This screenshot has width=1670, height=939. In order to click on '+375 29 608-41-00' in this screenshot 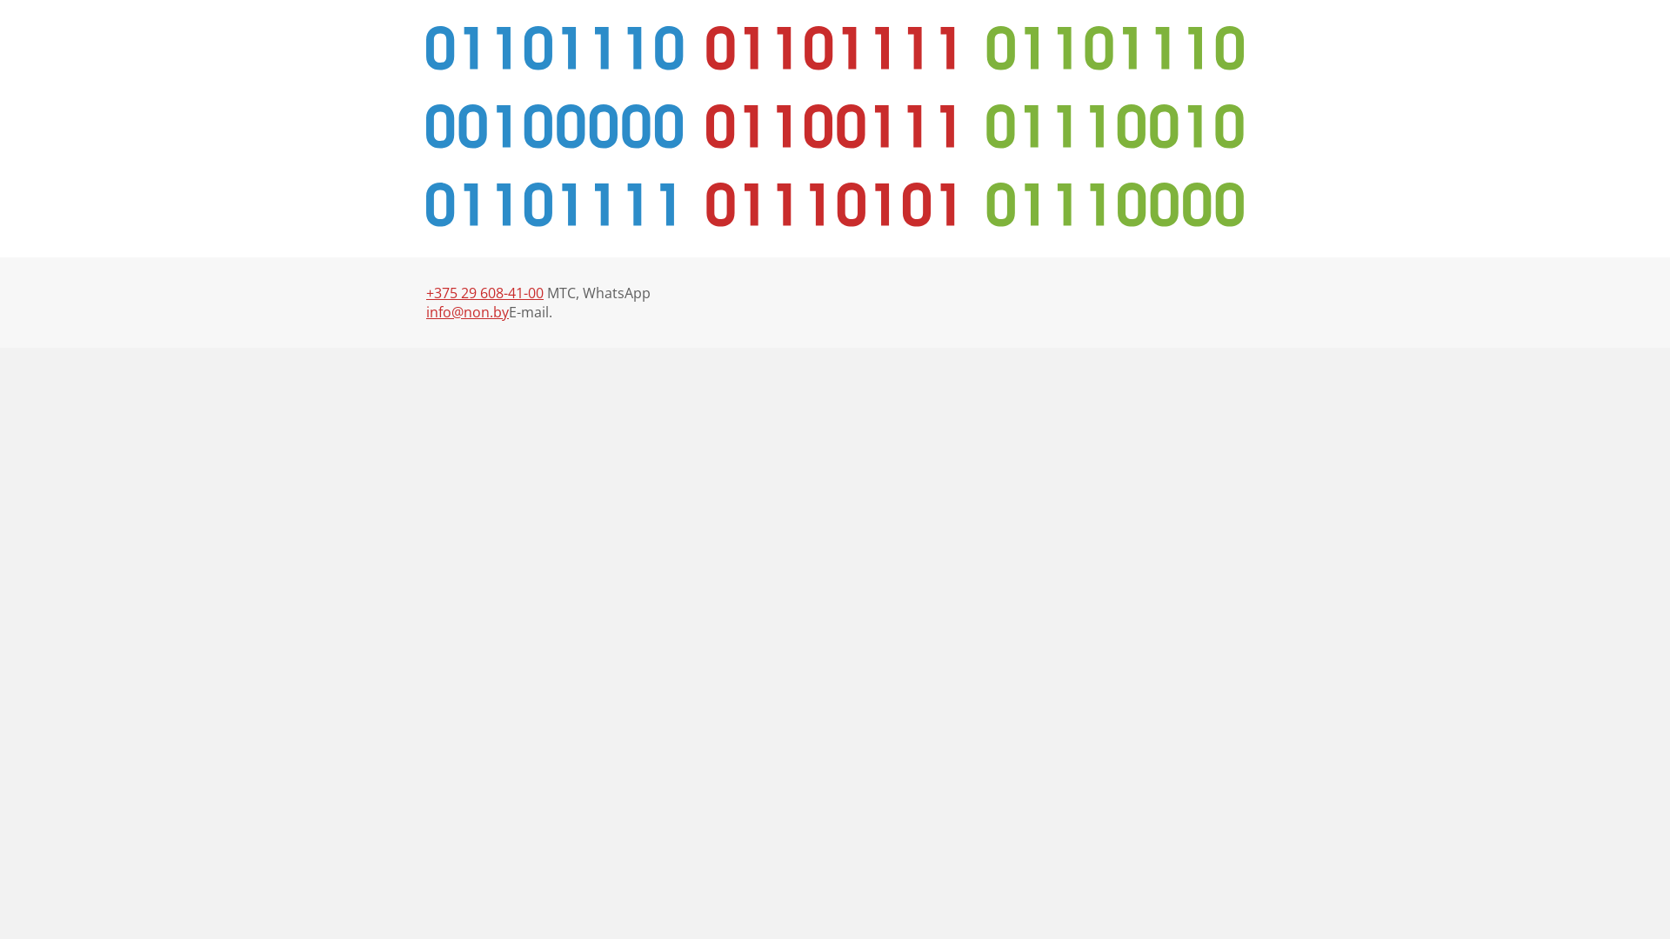, I will do `click(484, 291)`.